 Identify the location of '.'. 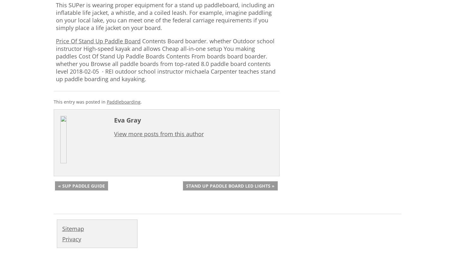
(141, 101).